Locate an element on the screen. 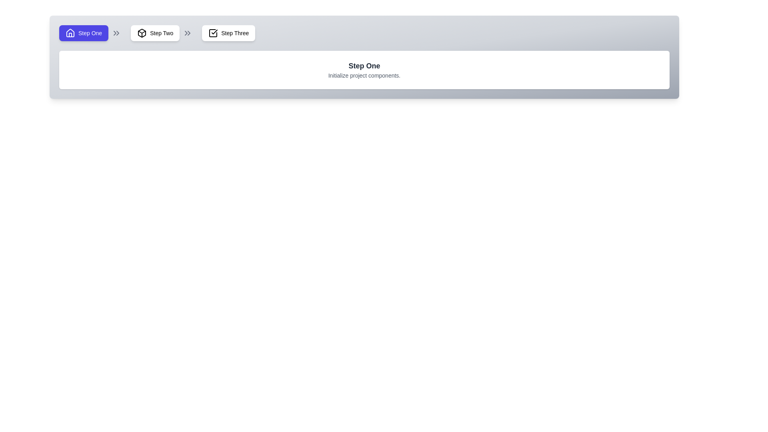  the second navigation button located centrally in the navigation bar is located at coordinates (155, 33).